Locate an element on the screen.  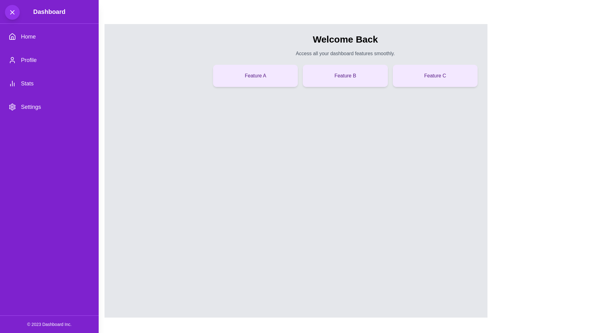
the 'Home' icon in the left sidebar navigation menu is located at coordinates (12, 37).